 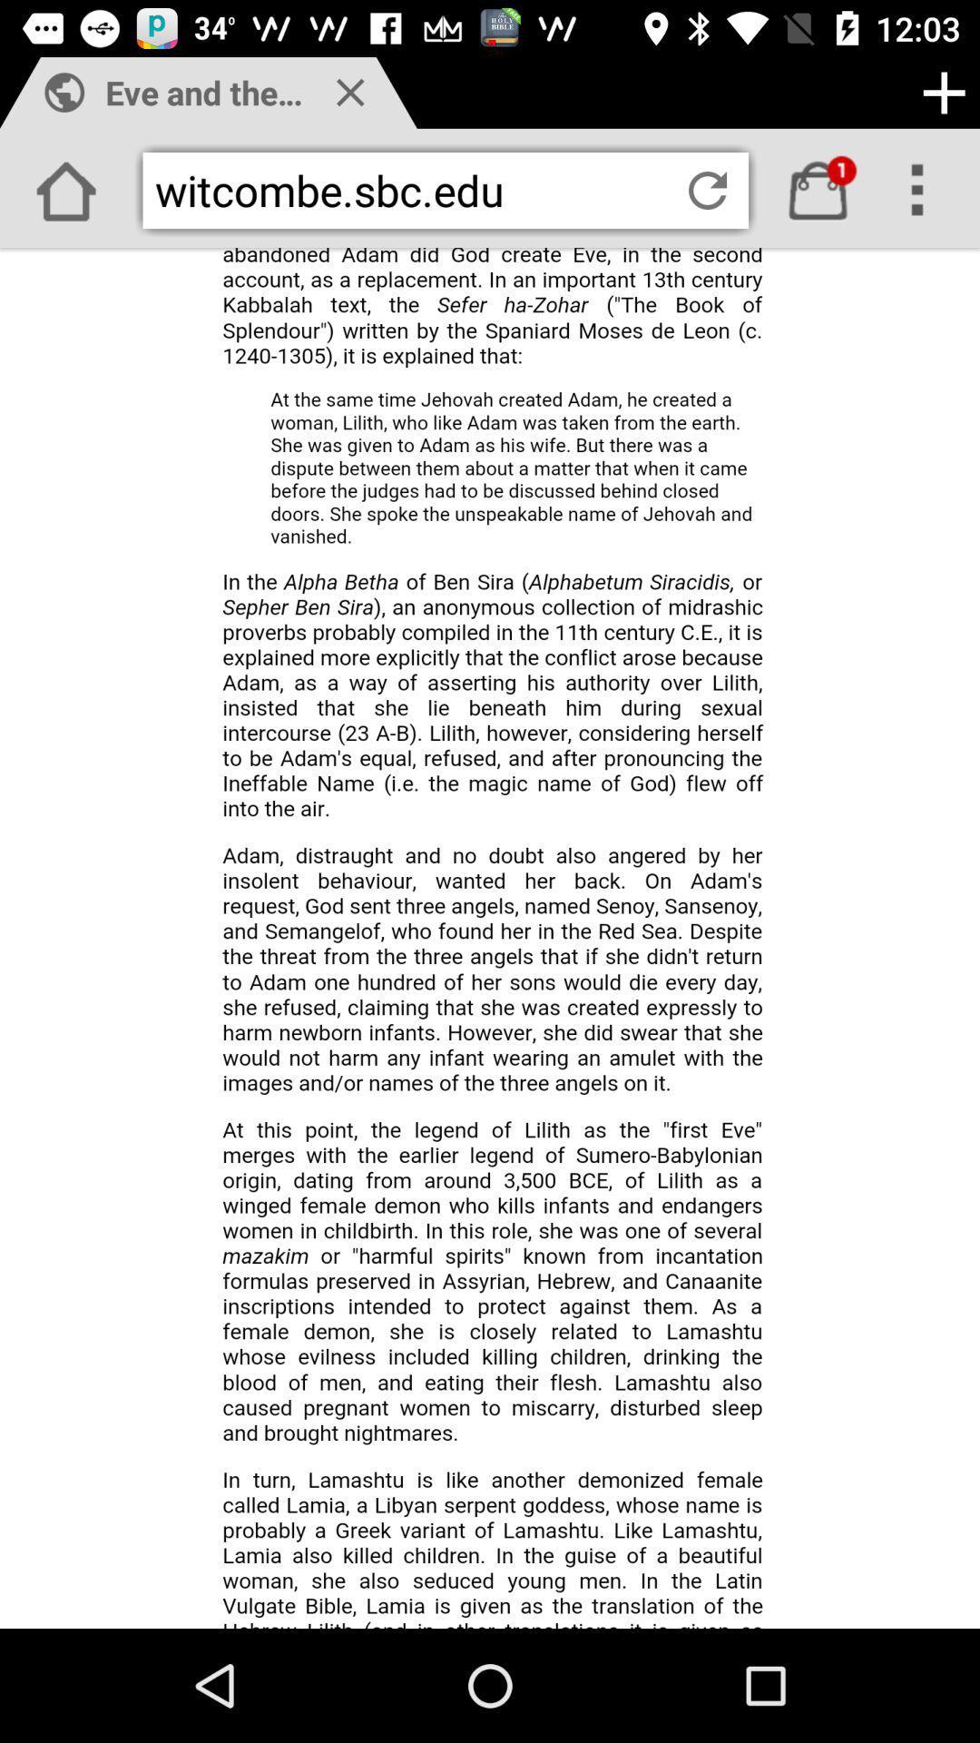 What do you see at coordinates (943, 92) in the screenshot?
I see `open another tab` at bounding box center [943, 92].